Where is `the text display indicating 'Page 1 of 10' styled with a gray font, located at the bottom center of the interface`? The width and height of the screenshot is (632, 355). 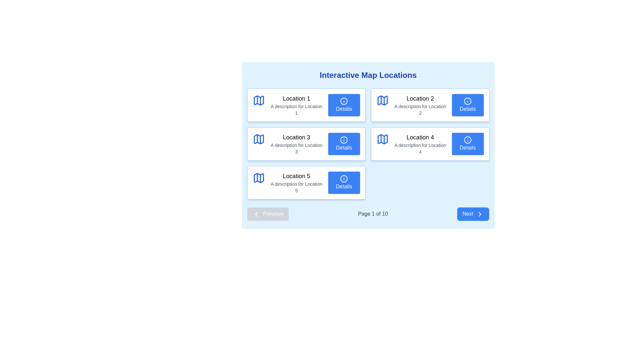
the text display indicating 'Page 1 of 10' styled with a gray font, located at the bottom center of the interface is located at coordinates (373, 214).